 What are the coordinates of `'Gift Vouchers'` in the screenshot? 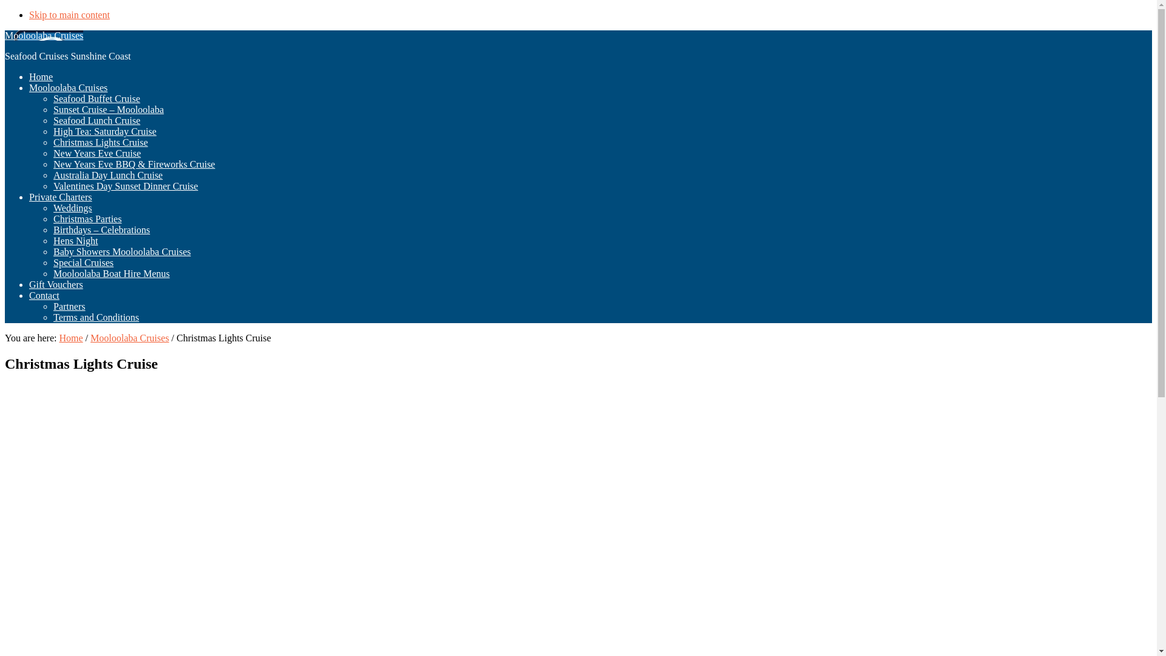 It's located at (55, 284).